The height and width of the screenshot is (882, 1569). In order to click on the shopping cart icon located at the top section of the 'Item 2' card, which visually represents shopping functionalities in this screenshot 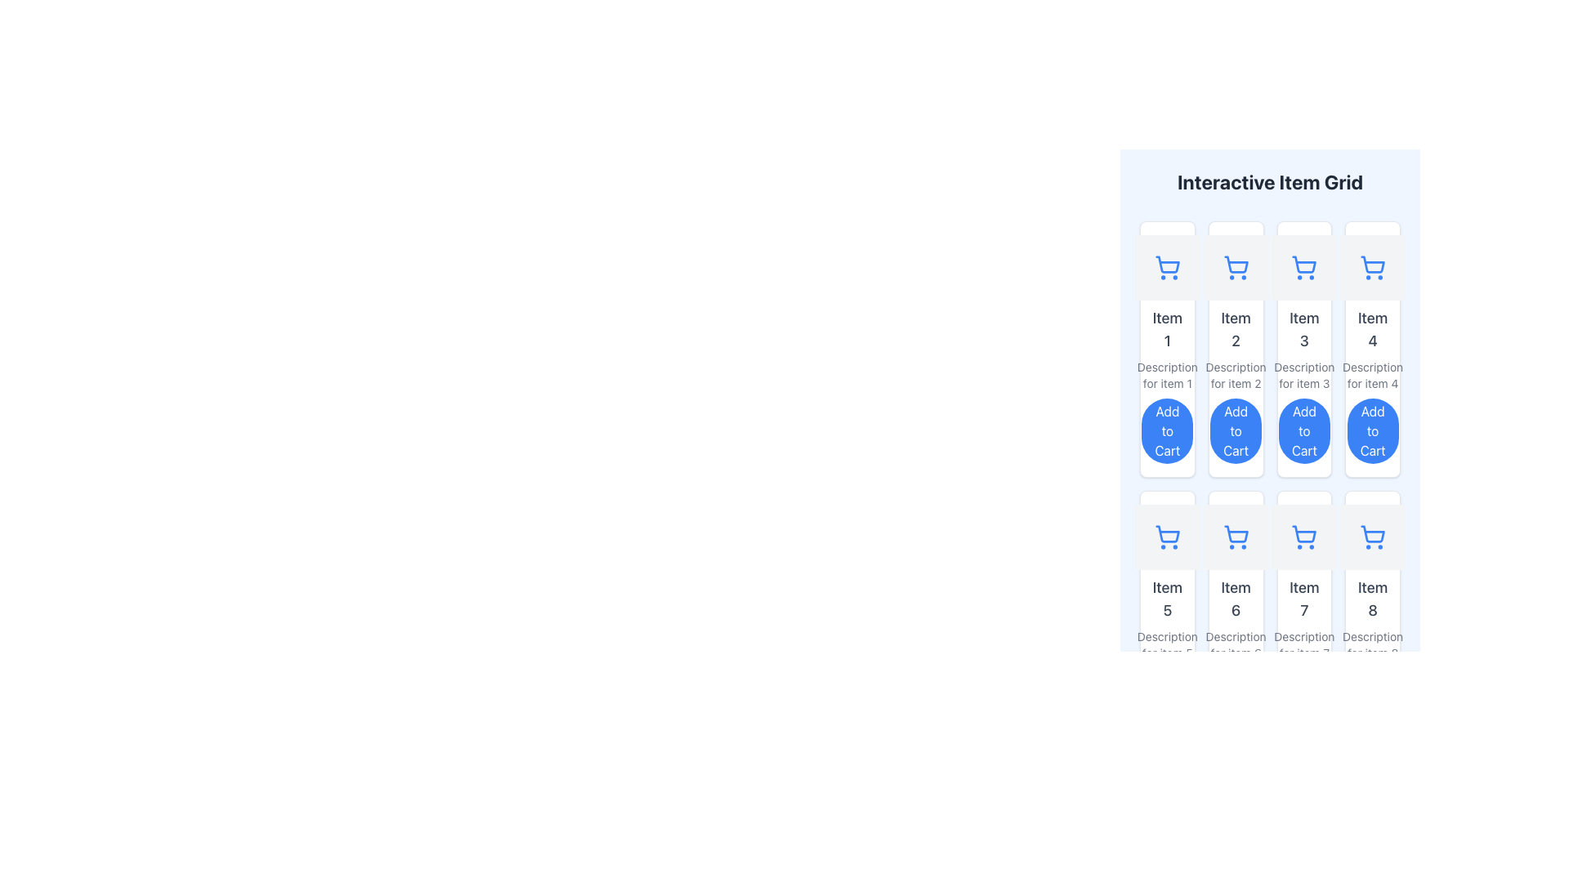, I will do `click(1236, 266)`.